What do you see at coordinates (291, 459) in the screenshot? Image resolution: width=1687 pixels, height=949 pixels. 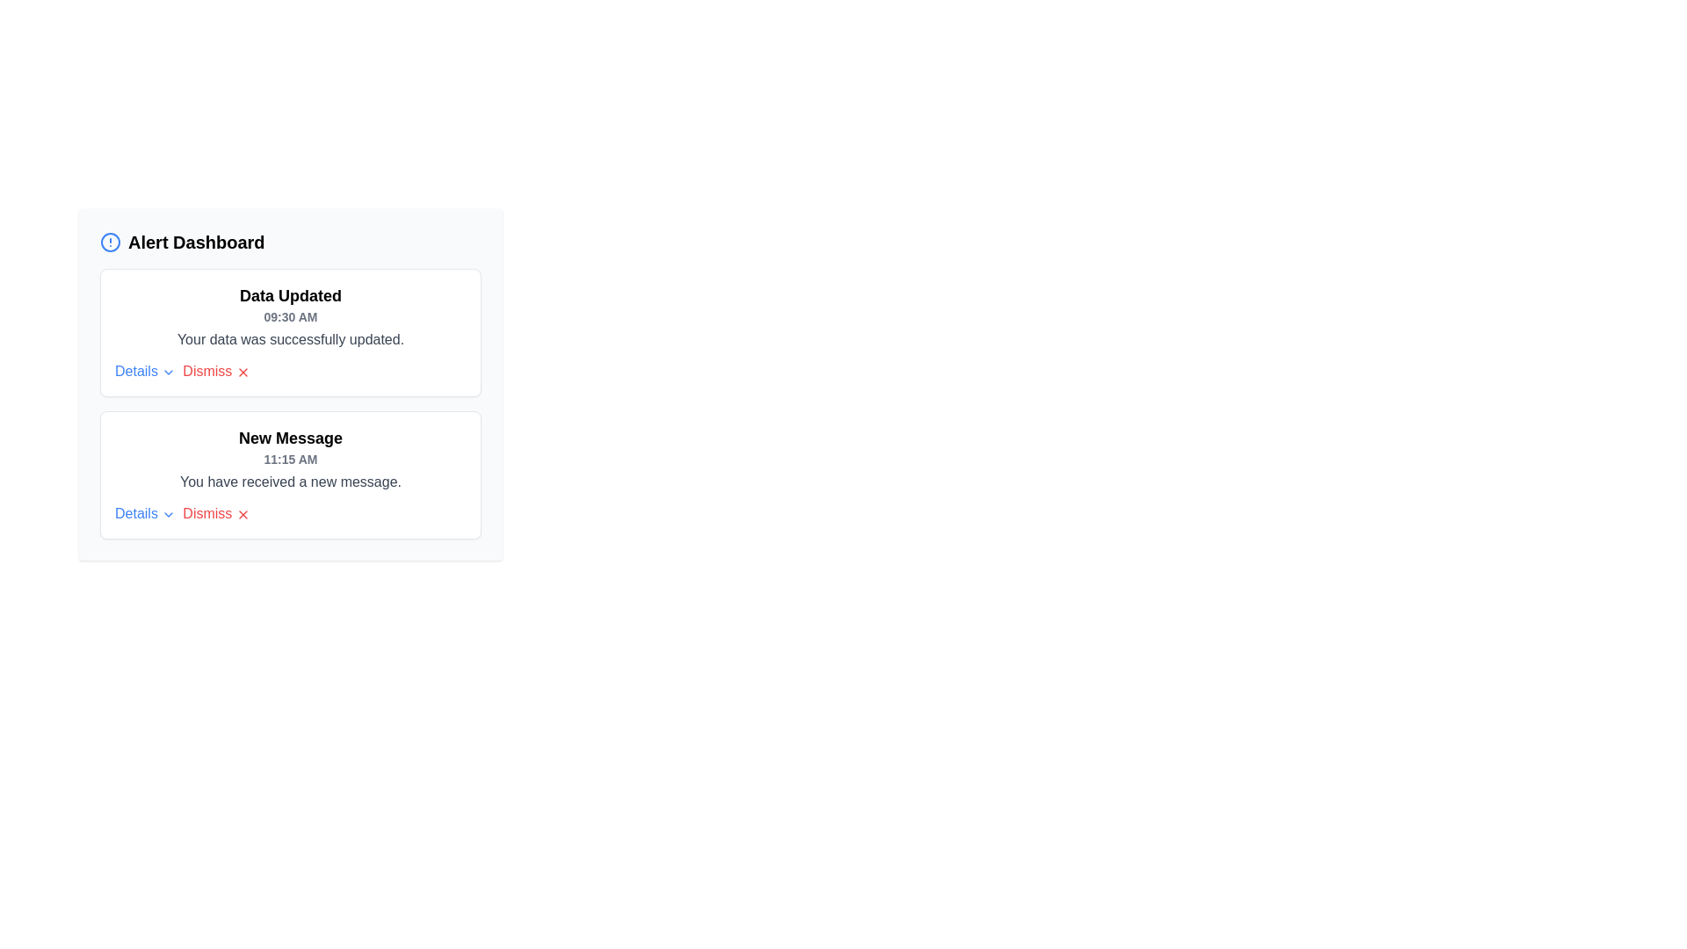 I see `the text displaying '11:15 AM' which is located directly below the 'New Message' title in the notification card` at bounding box center [291, 459].